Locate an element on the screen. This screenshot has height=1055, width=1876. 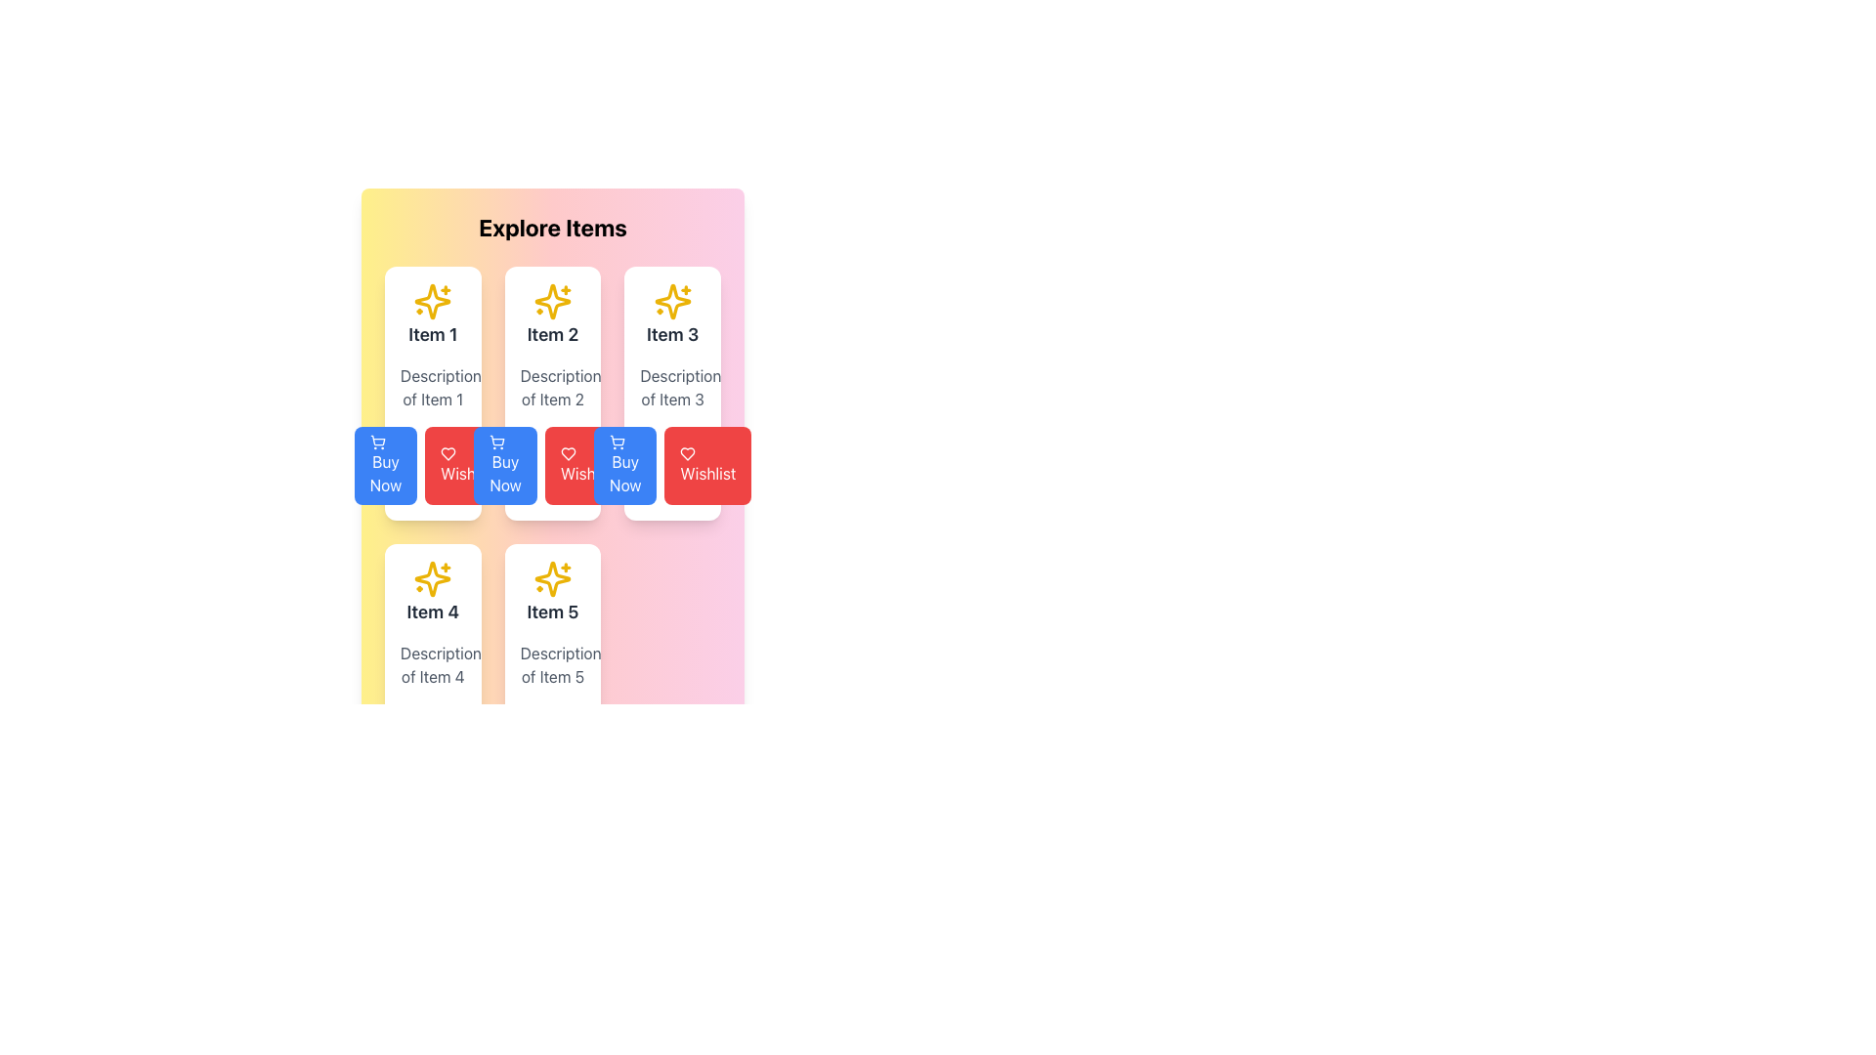
text label displaying the title 'Item 3' located in the top-right corner of the card in the Explore Items section, positioned below the spark icon and above the description text is located at coordinates (672, 315).